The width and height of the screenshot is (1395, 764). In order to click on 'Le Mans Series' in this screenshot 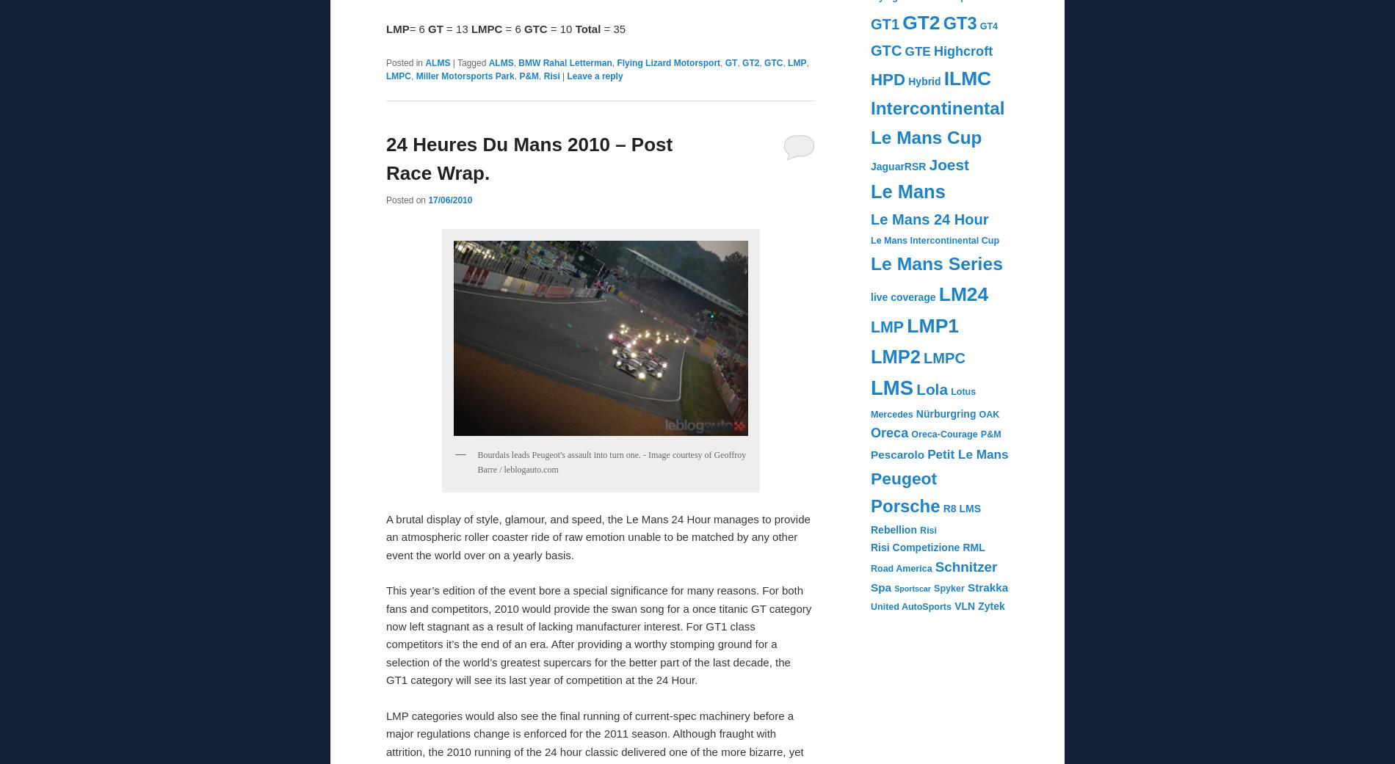, I will do `click(935, 263)`.